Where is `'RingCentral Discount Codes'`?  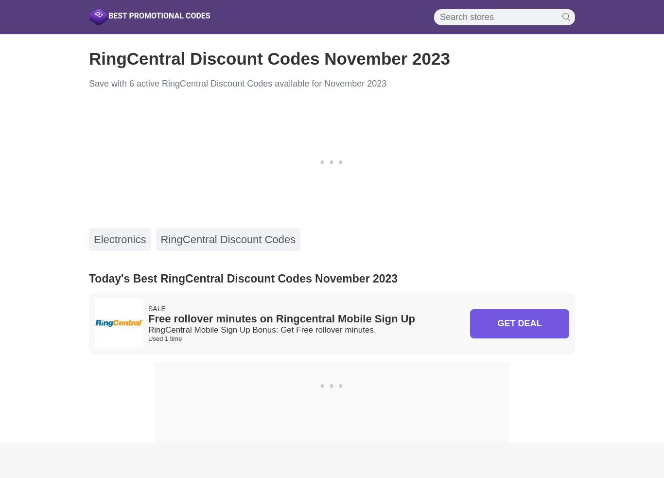 'RingCentral Discount Codes' is located at coordinates (227, 239).